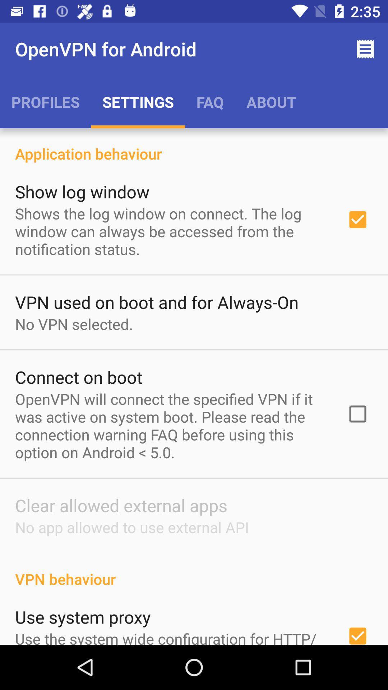 The width and height of the screenshot is (388, 690). Describe the element at coordinates (132, 527) in the screenshot. I see `the icon below the clear allowed external item` at that location.